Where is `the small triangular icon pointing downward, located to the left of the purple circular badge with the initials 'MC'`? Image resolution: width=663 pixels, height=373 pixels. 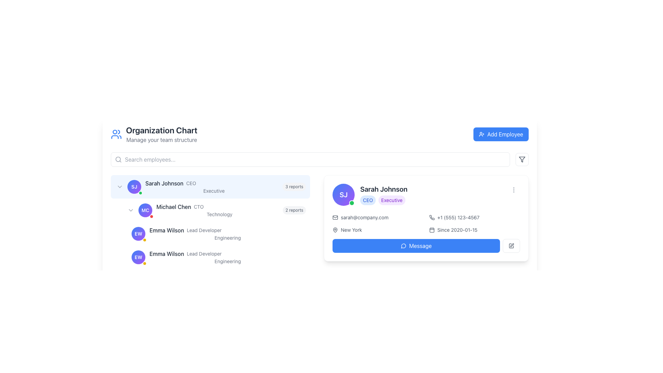 the small triangular icon pointing downward, located to the left of the purple circular badge with the initials 'MC' is located at coordinates (131, 210).